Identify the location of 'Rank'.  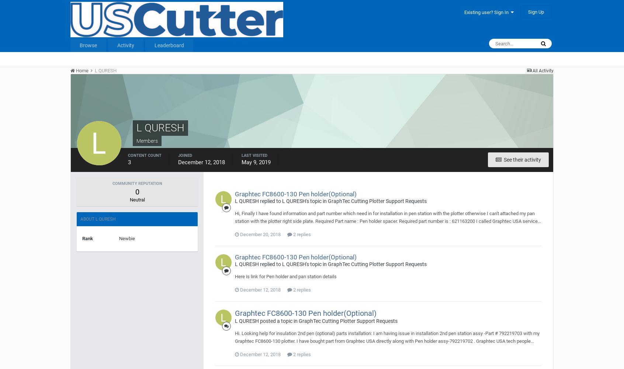
(87, 238).